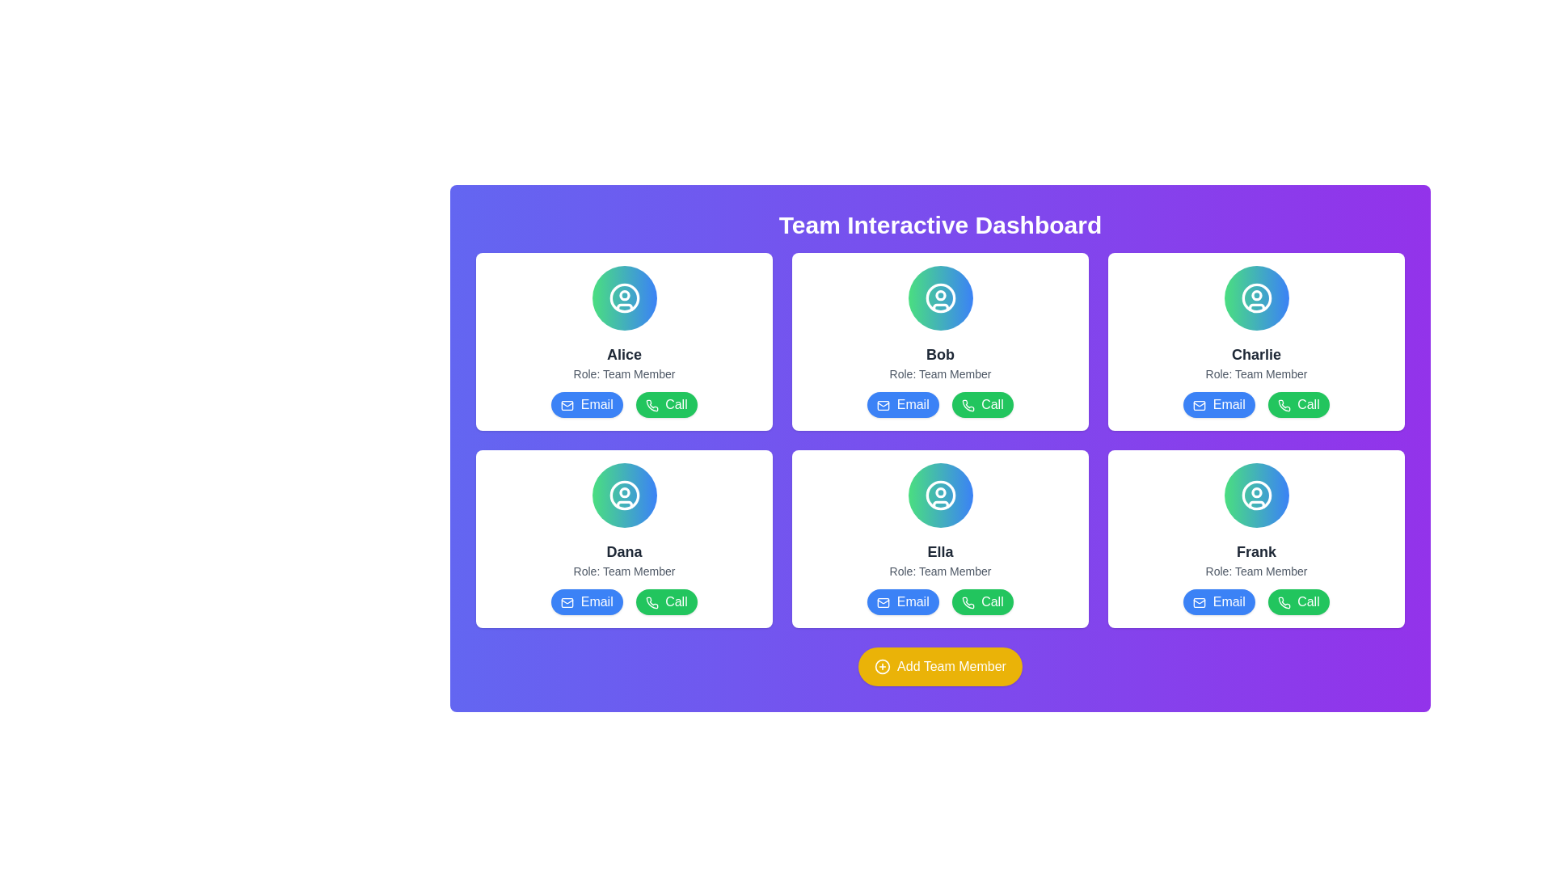  Describe the element at coordinates (1298, 404) in the screenshot. I see `the phone call button located to the right of the 'Email' button in the group of buttons under the card for 'Charlie'` at that location.